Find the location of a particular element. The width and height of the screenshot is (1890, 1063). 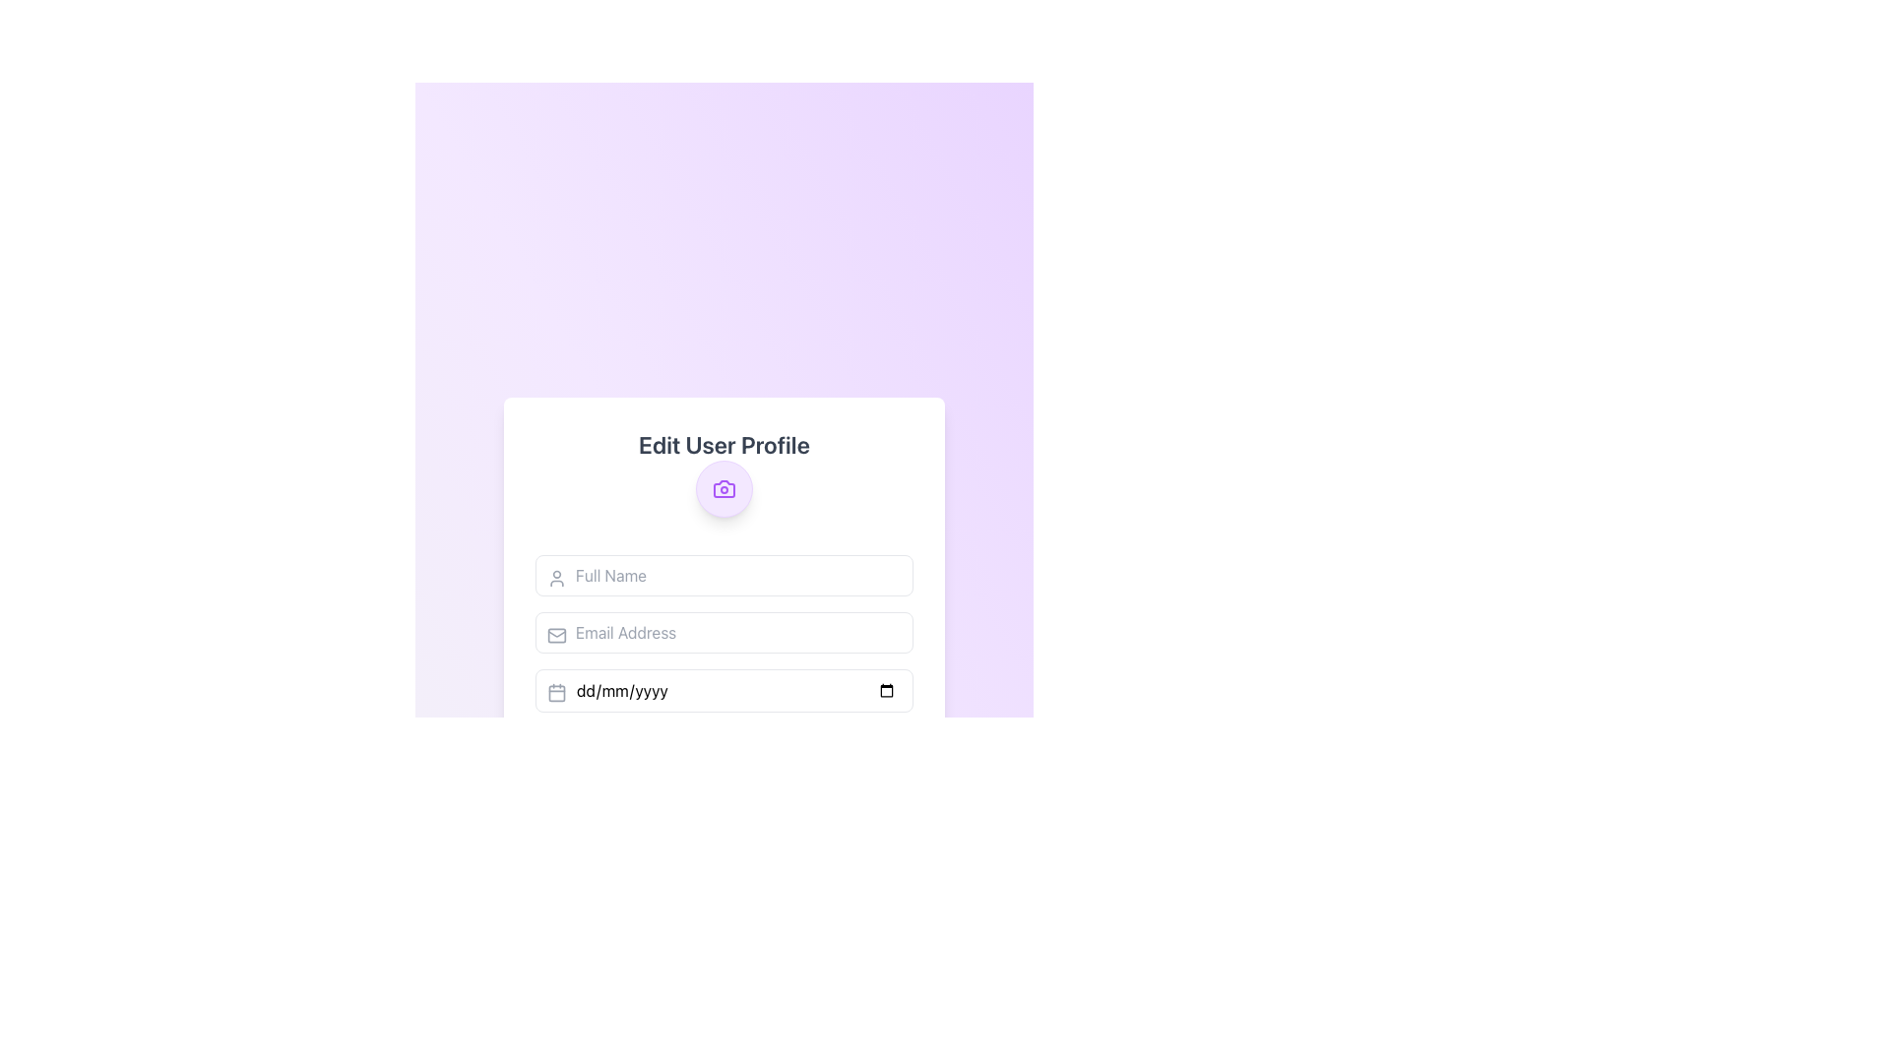

the email address input field in the 'Edit User Profile' section is located at coordinates (723, 630).